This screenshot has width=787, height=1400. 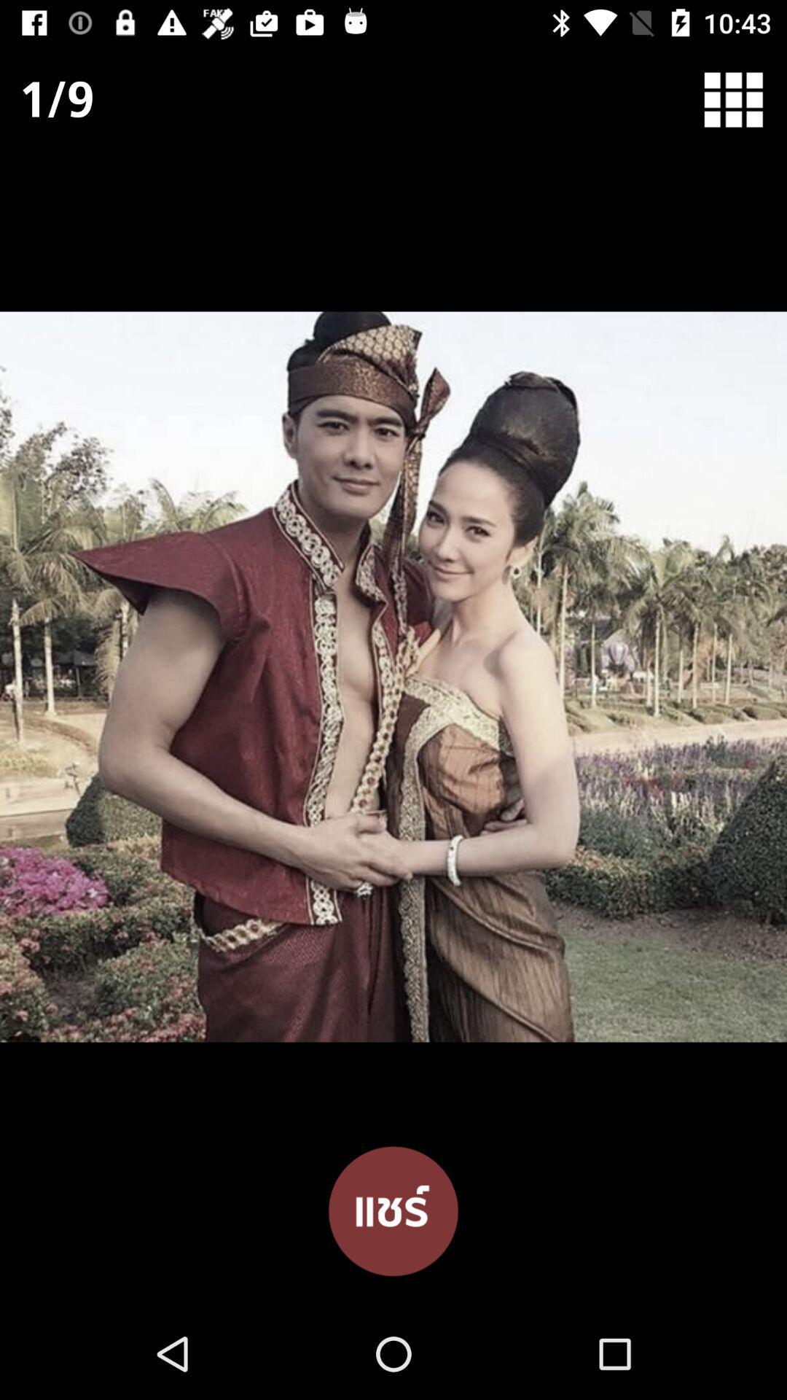 I want to click on menu, so click(x=743, y=98).